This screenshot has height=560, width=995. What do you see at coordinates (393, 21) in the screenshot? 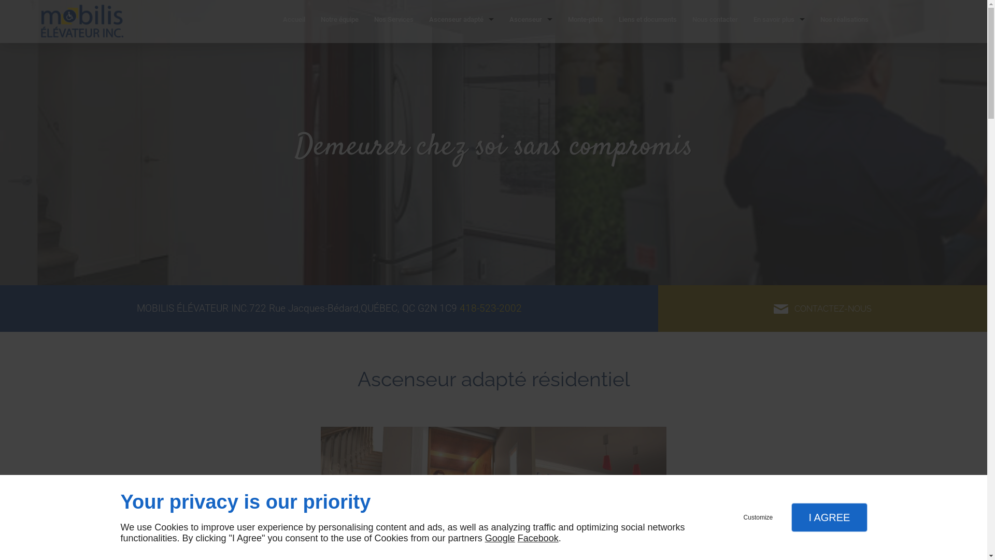
I see `'Nos Services'` at bounding box center [393, 21].